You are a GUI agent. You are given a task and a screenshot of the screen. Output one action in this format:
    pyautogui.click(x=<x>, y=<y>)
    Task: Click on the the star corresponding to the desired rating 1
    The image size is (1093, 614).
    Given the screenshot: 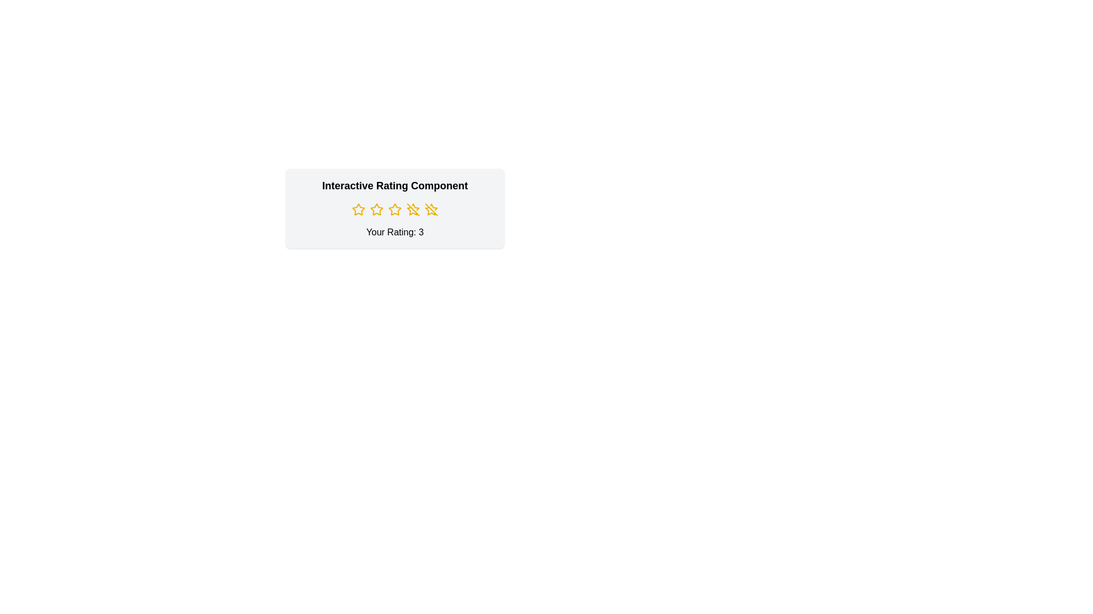 What is the action you would take?
    pyautogui.click(x=358, y=210)
    